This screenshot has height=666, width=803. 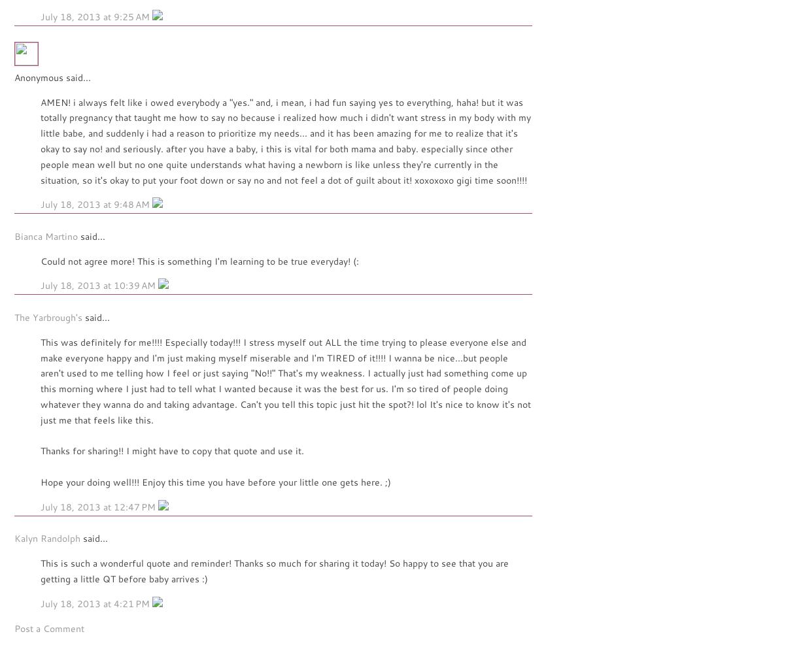 I want to click on 'July 18, 2013 at 9:25 AM', so click(x=41, y=16).